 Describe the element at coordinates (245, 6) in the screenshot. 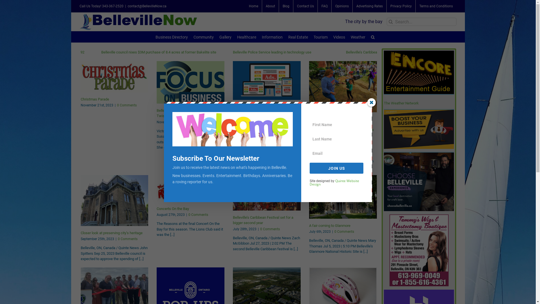

I see `'Home'` at that location.